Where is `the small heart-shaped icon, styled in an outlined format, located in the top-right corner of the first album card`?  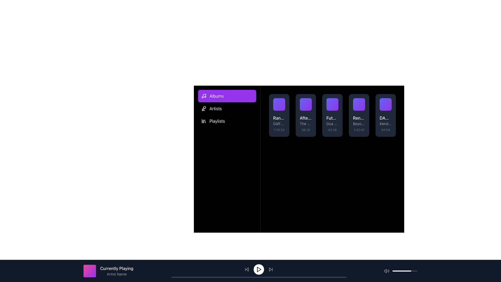
the small heart-shaped icon, styled in an outlined format, located in the top-right corner of the first album card is located at coordinates (282, 101).